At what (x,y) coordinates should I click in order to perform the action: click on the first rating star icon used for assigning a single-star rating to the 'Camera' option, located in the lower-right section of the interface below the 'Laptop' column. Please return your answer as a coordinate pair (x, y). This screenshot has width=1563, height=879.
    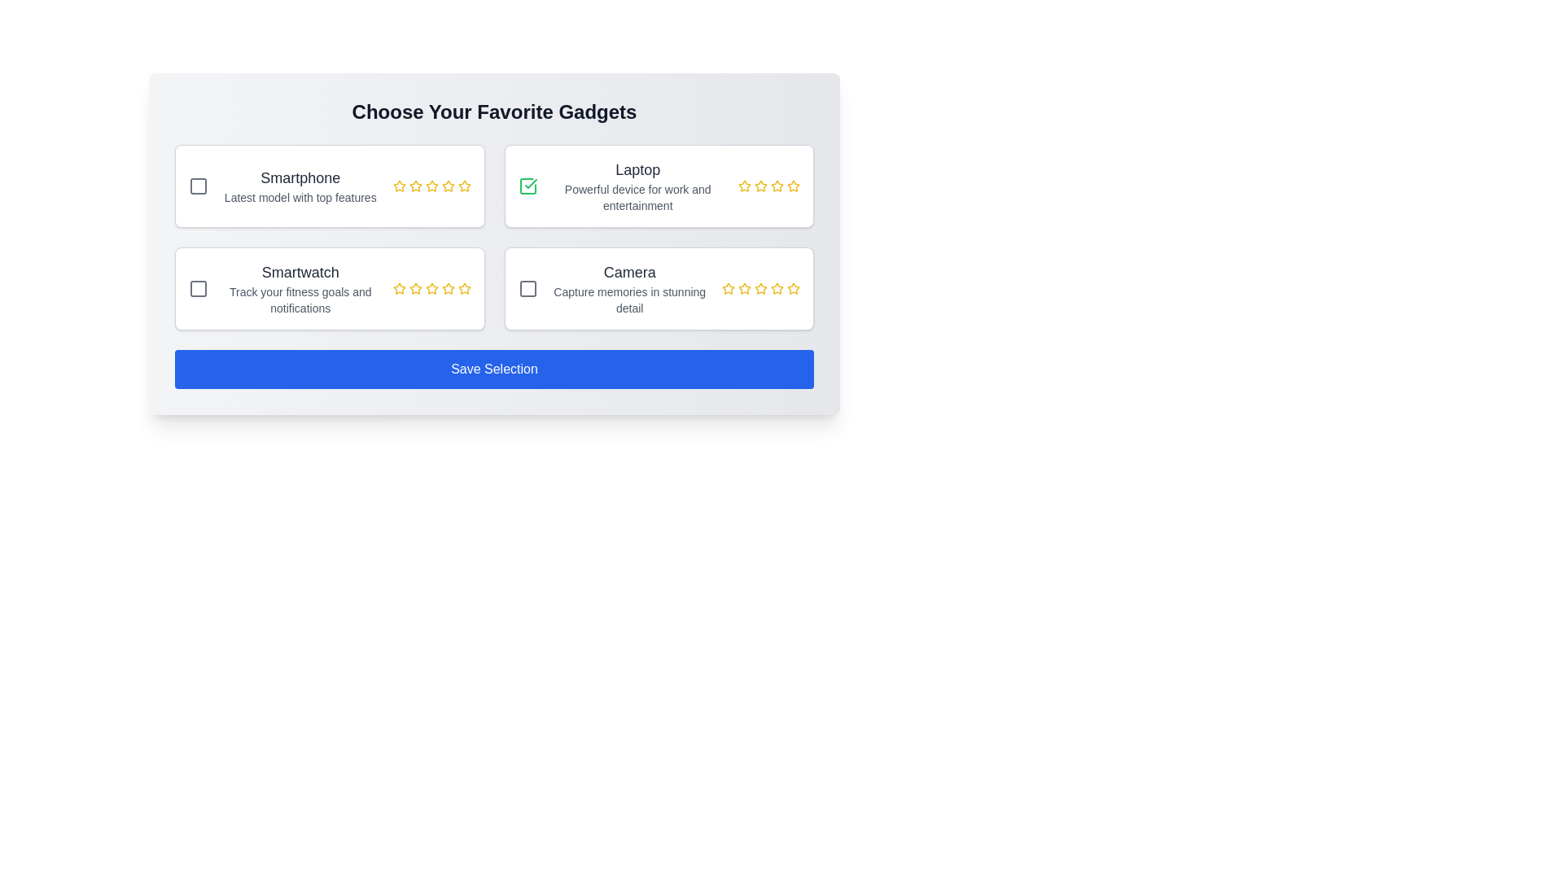
    Looking at the image, I should click on (727, 287).